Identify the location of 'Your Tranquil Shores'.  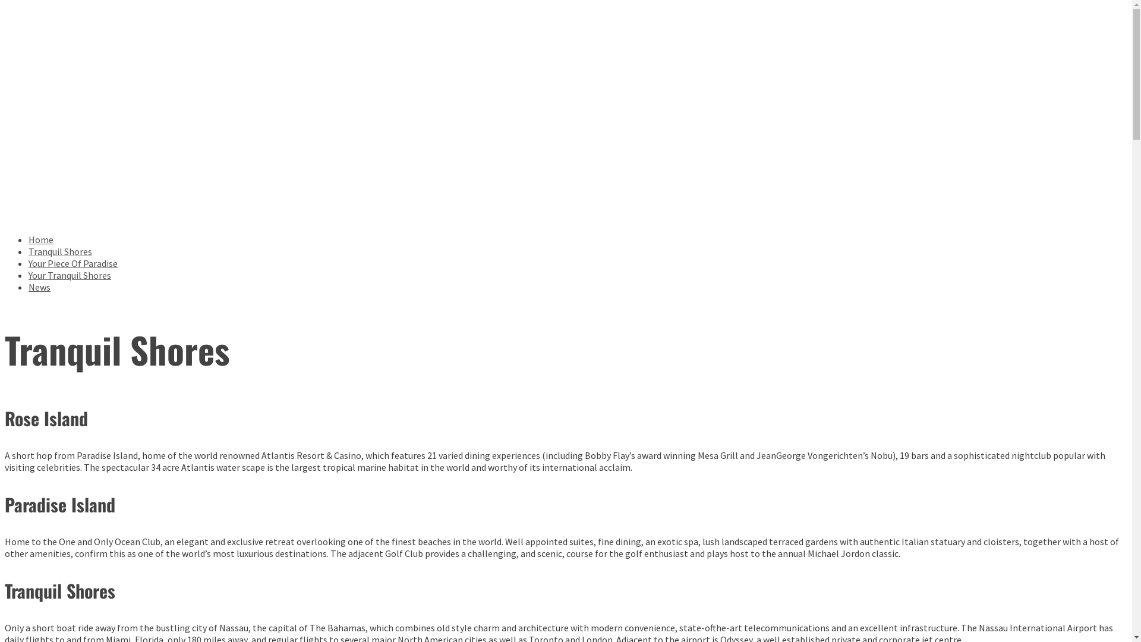
(69, 275).